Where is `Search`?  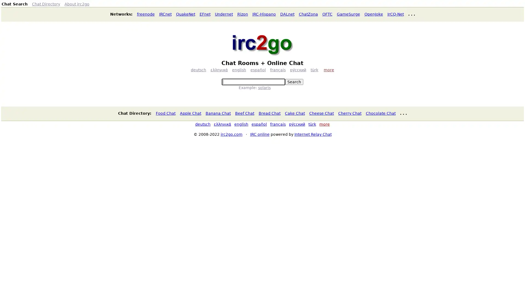
Search is located at coordinates (294, 82).